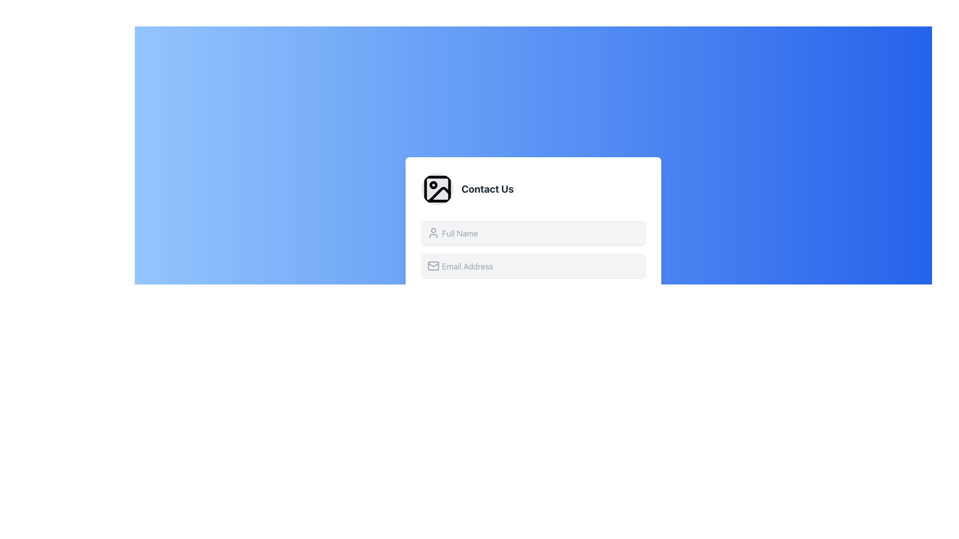 The height and width of the screenshot is (539, 959). I want to click on the decorative icon related to the 'Contact Us' section, which is positioned to the left of the 'Contact Us' text, so click(437, 189).